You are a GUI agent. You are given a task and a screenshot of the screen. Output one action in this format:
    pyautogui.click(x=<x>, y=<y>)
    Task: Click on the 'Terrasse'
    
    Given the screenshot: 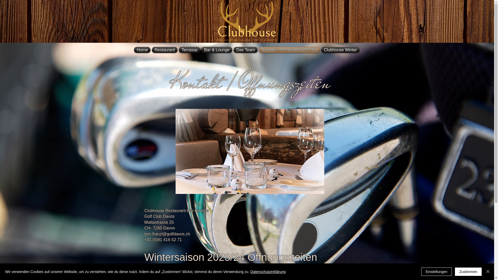 What is the action you would take?
    pyautogui.click(x=189, y=50)
    